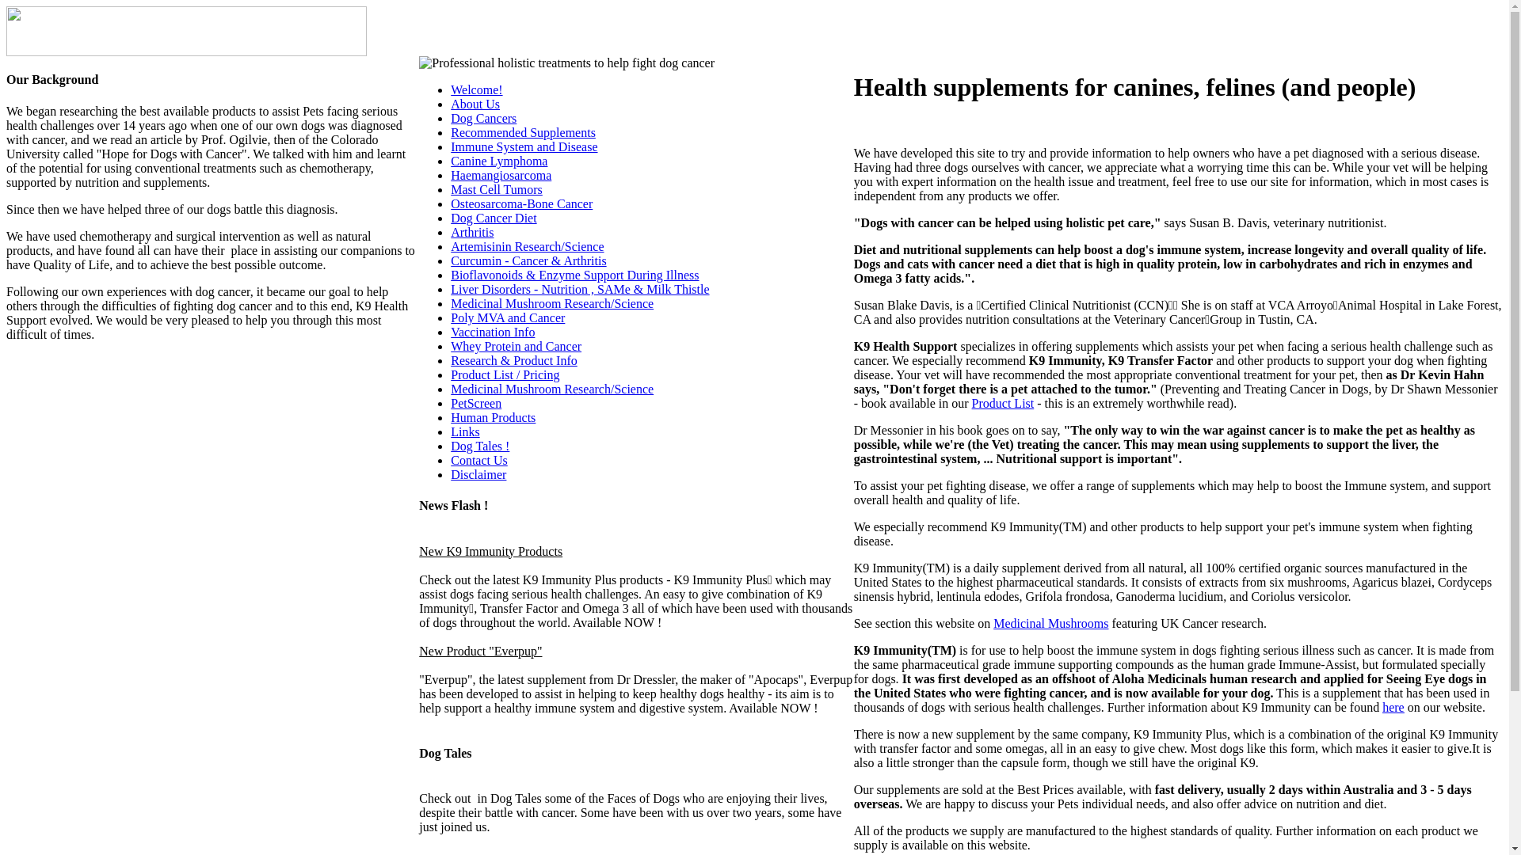 This screenshot has height=855, width=1521. Describe the element at coordinates (450, 188) in the screenshot. I see `'Mast Cell Tumors'` at that location.